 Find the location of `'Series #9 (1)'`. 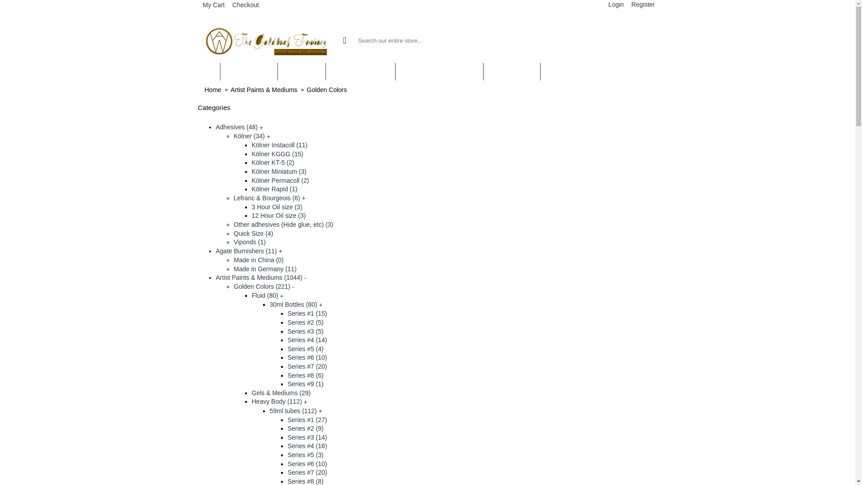

'Series #9 (1)' is located at coordinates (286, 384).